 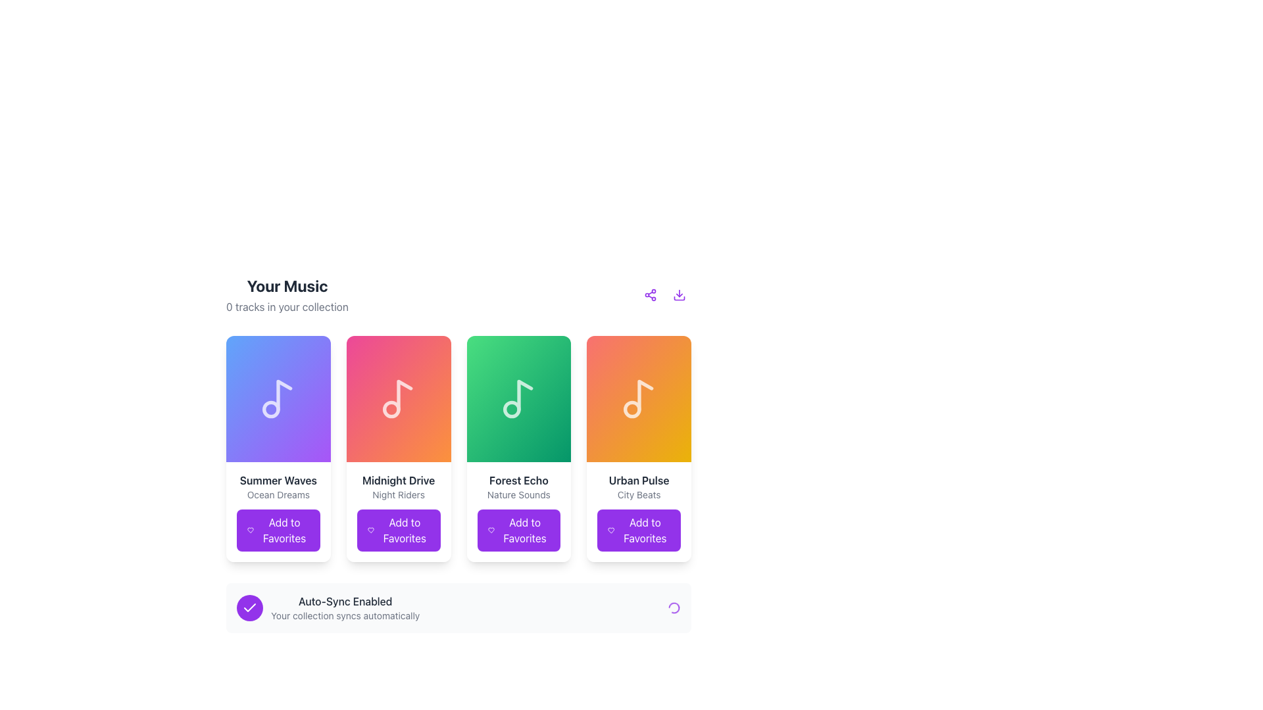 I want to click on the 'Add to Favorites' icon located to the left of the text within the button associated with the 'Urban Pulse' card, so click(x=610, y=529).